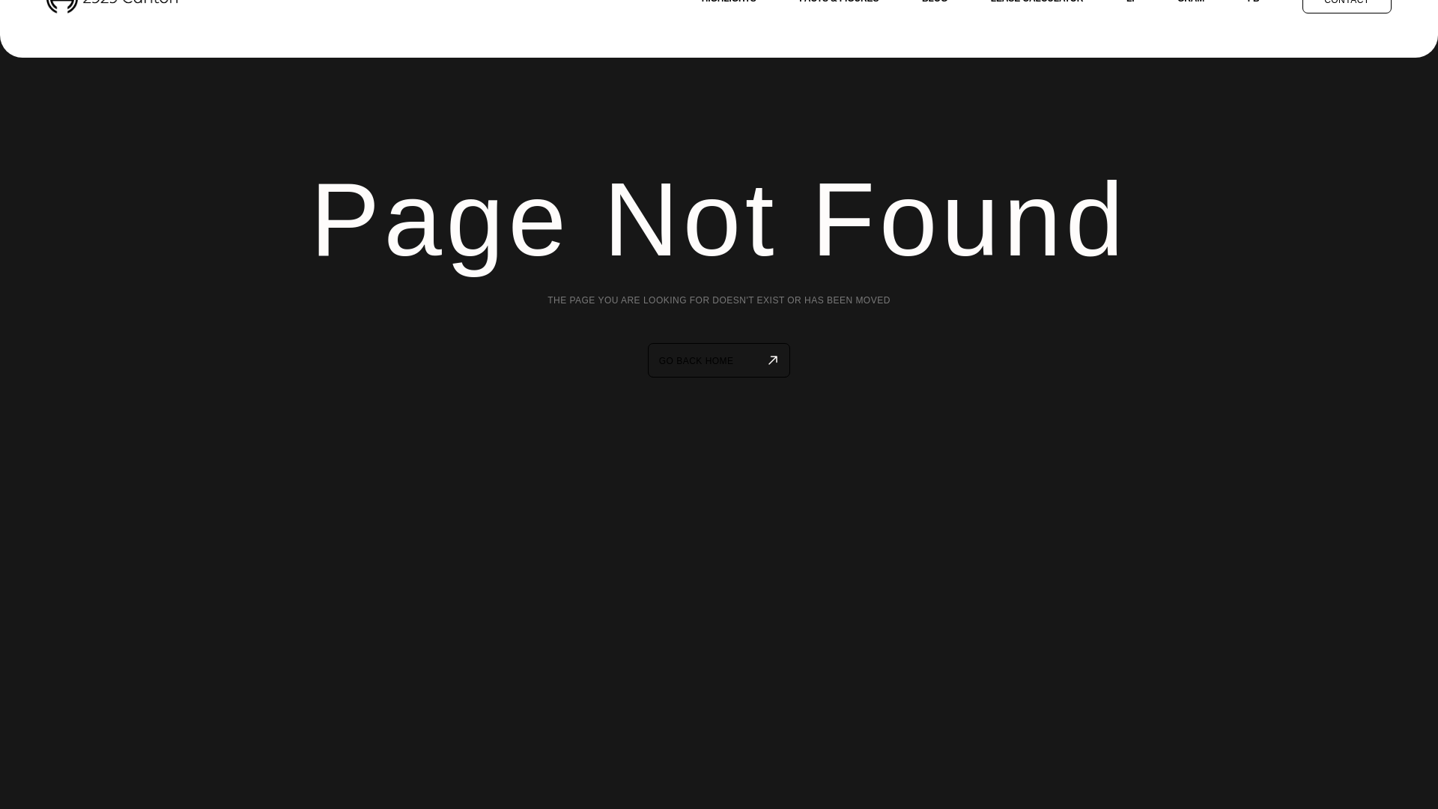 The height and width of the screenshot is (809, 1438). I want to click on 'GO BACK HOME', so click(719, 360).